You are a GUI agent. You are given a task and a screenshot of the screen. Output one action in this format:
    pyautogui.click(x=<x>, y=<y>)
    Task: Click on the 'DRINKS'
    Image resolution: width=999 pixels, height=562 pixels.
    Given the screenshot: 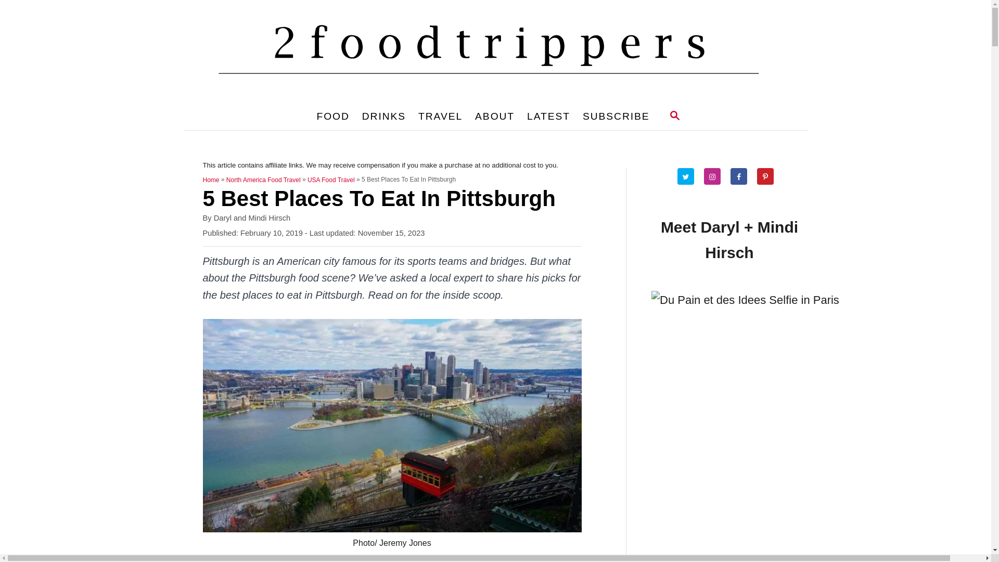 What is the action you would take?
    pyautogui.click(x=383, y=116)
    